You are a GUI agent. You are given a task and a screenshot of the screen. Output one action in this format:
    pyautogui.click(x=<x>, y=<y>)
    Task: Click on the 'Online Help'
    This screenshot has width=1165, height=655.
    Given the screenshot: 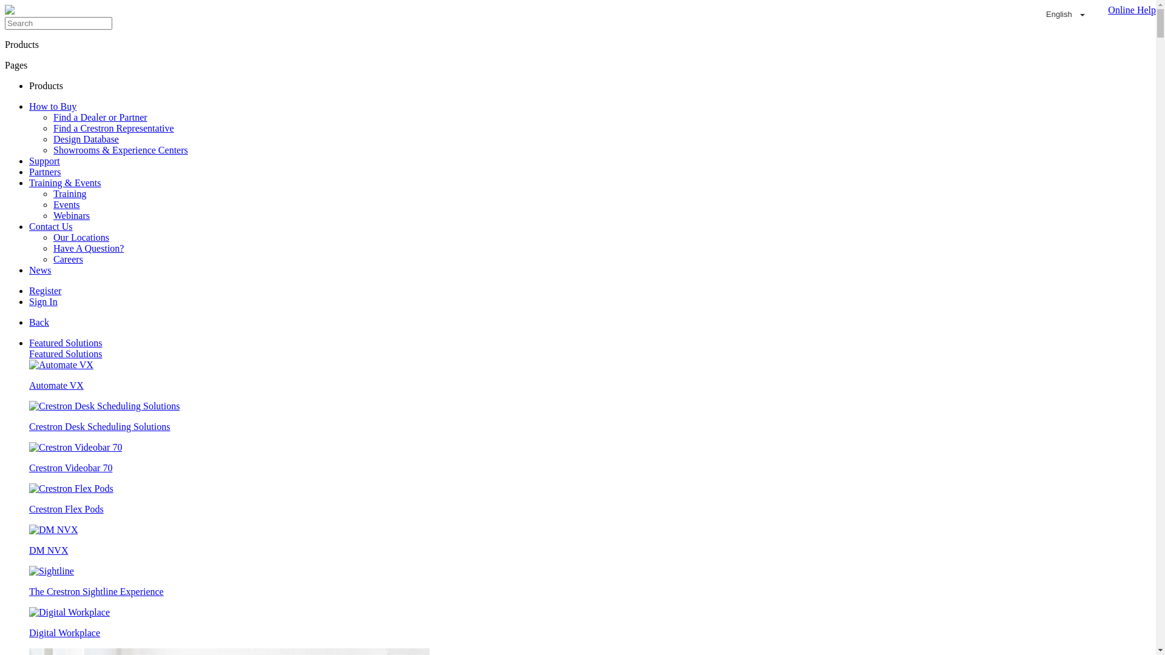 What is the action you would take?
    pyautogui.click(x=1128, y=15)
    